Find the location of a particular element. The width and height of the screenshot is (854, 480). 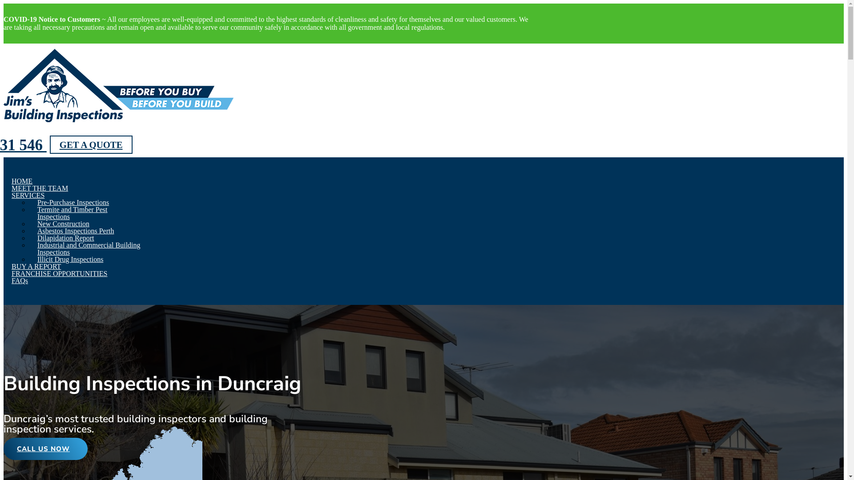

'SERVICES' is located at coordinates (28, 195).